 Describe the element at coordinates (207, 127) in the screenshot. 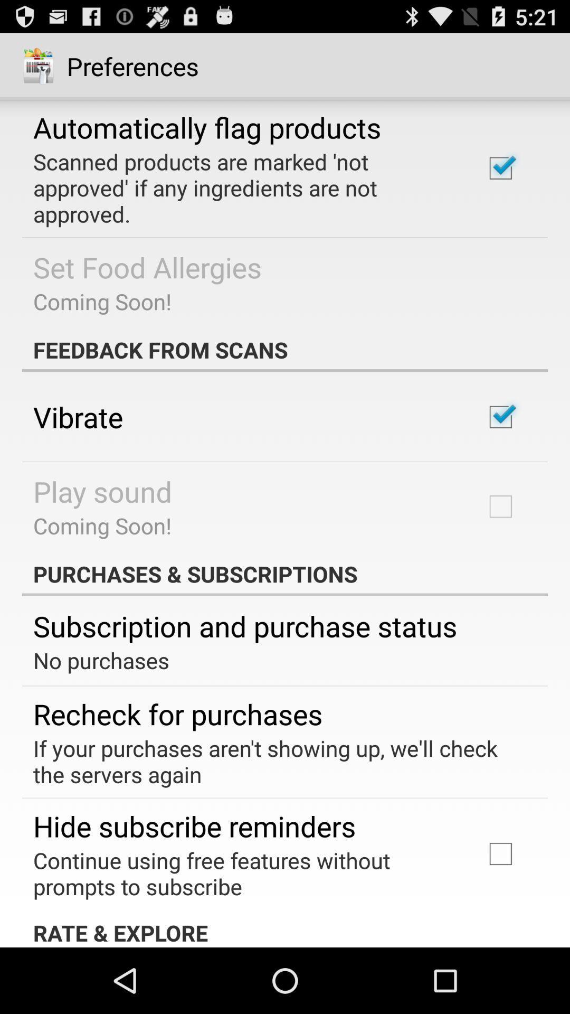

I see `the automatically flag products app` at that location.